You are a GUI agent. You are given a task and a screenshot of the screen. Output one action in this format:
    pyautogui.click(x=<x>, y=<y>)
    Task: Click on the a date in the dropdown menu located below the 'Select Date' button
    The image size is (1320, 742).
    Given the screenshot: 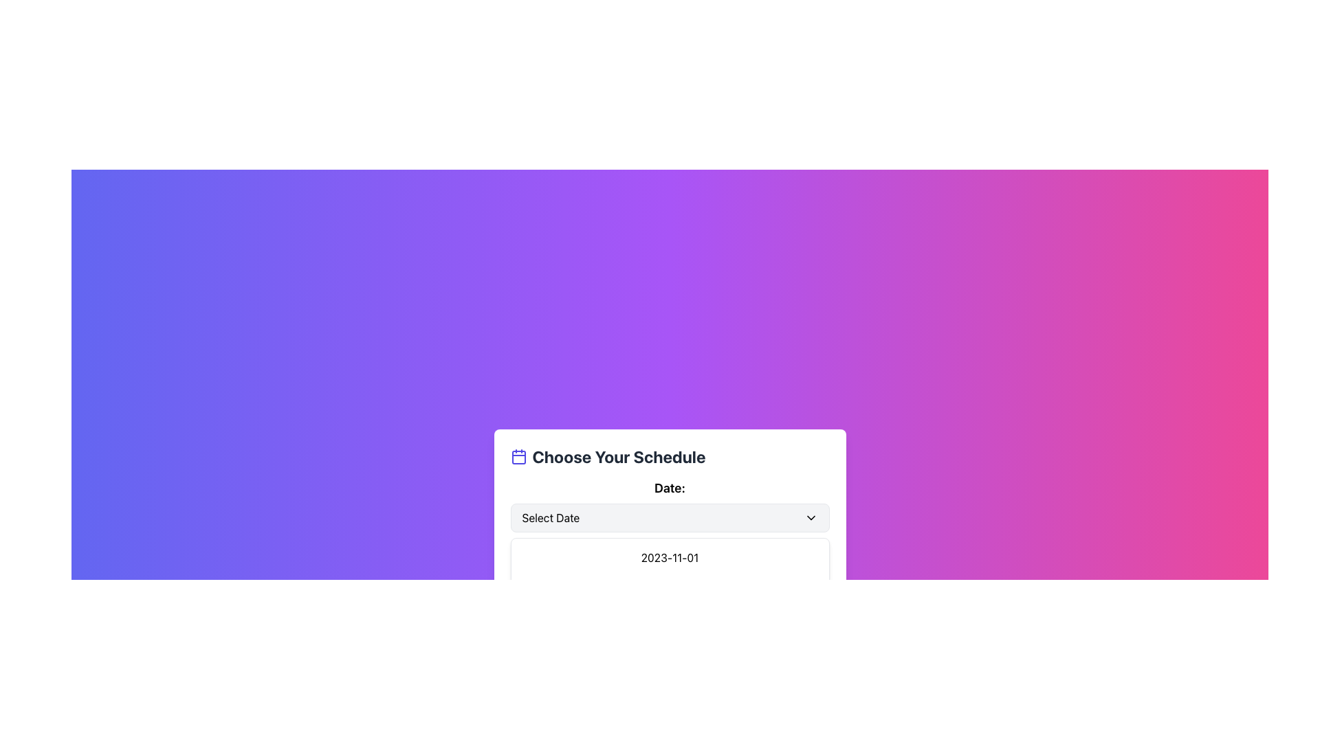 What is the action you would take?
    pyautogui.click(x=670, y=585)
    